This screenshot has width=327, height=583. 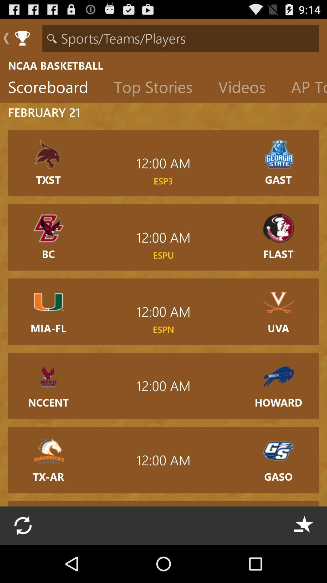 What do you see at coordinates (246, 88) in the screenshot?
I see `icon to the right of the top stories item` at bounding box center [246, 88].